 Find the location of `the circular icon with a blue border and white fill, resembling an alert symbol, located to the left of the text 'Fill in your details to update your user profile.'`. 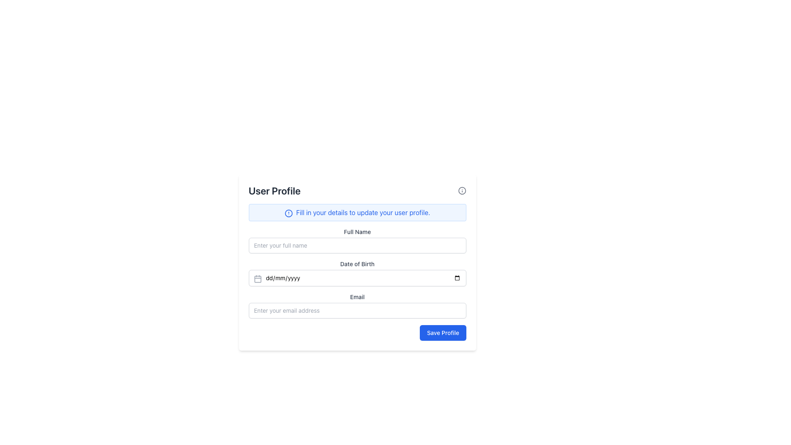

the circular icon with a blue border and white fill, resembling an alert symbol, located to the left of the text 'Fill in your details to update your user profile.' is located at coordinates (288, 213).